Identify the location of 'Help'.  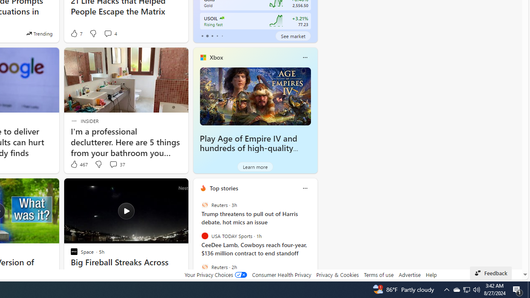
(431, 274).